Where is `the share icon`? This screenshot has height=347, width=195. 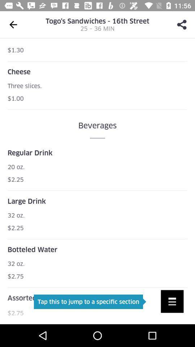
the share icon is located at coordinates (181, 25).